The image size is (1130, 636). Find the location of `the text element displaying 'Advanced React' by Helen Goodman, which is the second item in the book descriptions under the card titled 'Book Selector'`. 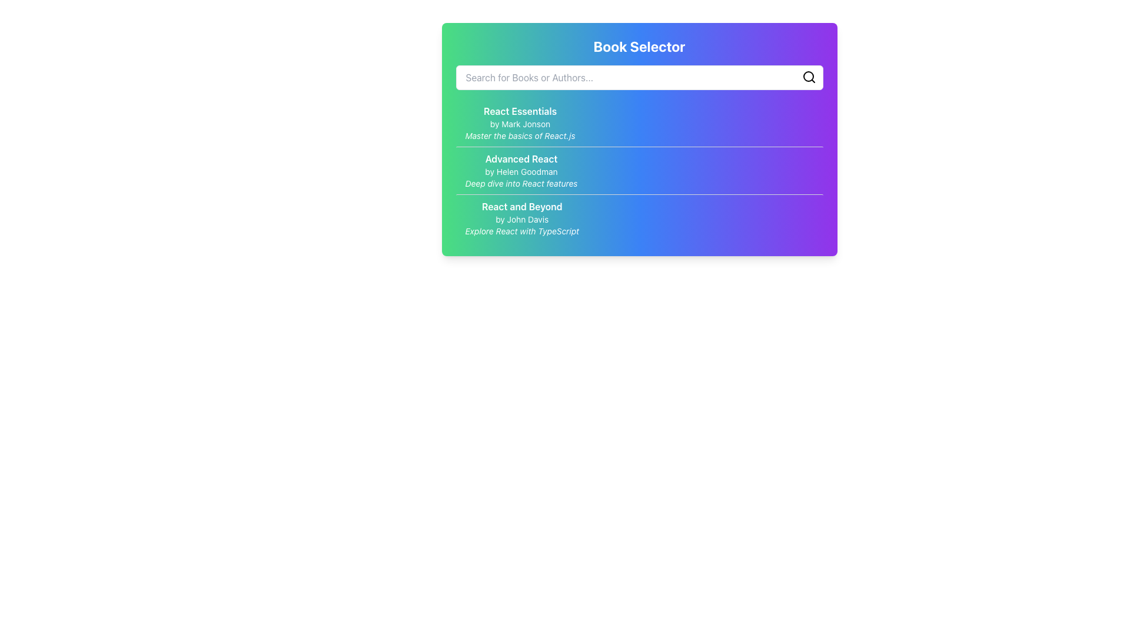

the text element displaying 'Advanced React' by Helen Goodman, which is the second item in the book descriptions under the card titled 'Book Selector' is located at coordinates (521, 170).